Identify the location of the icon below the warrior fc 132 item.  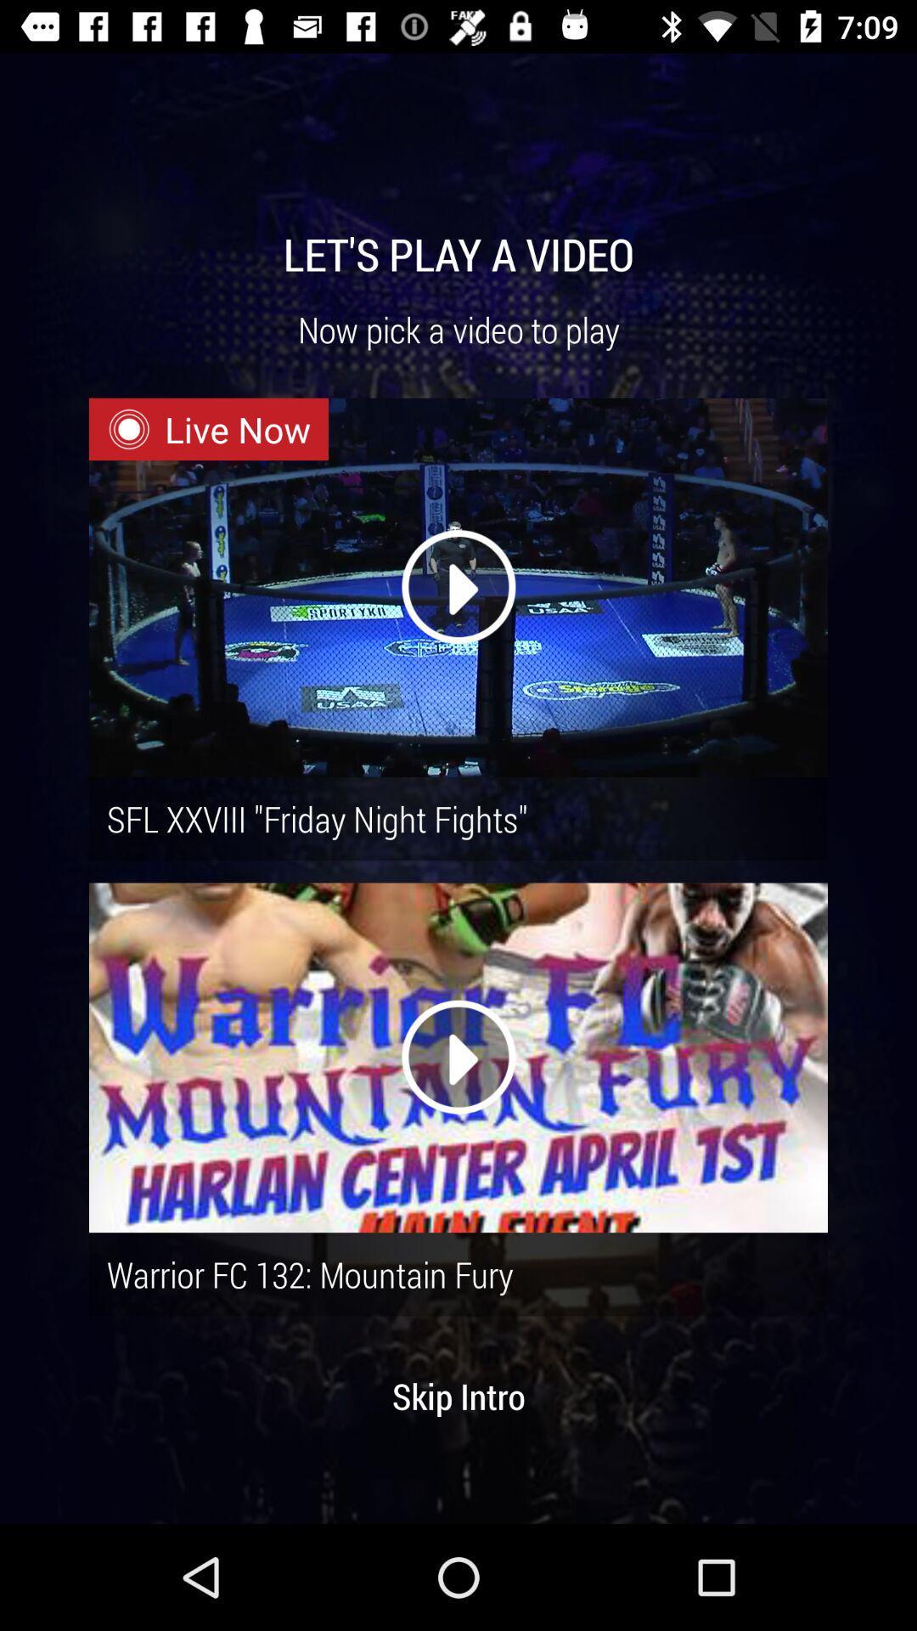
(458, 1396).